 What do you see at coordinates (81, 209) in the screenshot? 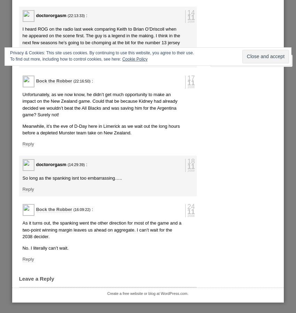
I see `'(16:09:22)'` at bounding box center [81, 209].